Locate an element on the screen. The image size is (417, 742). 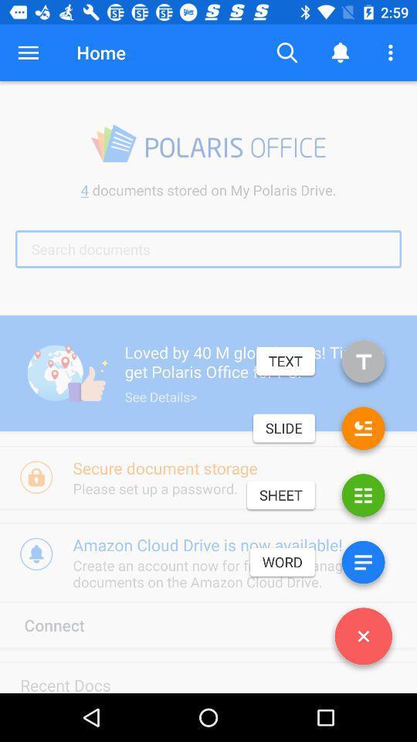
open word is located at coordinates (363, 564).